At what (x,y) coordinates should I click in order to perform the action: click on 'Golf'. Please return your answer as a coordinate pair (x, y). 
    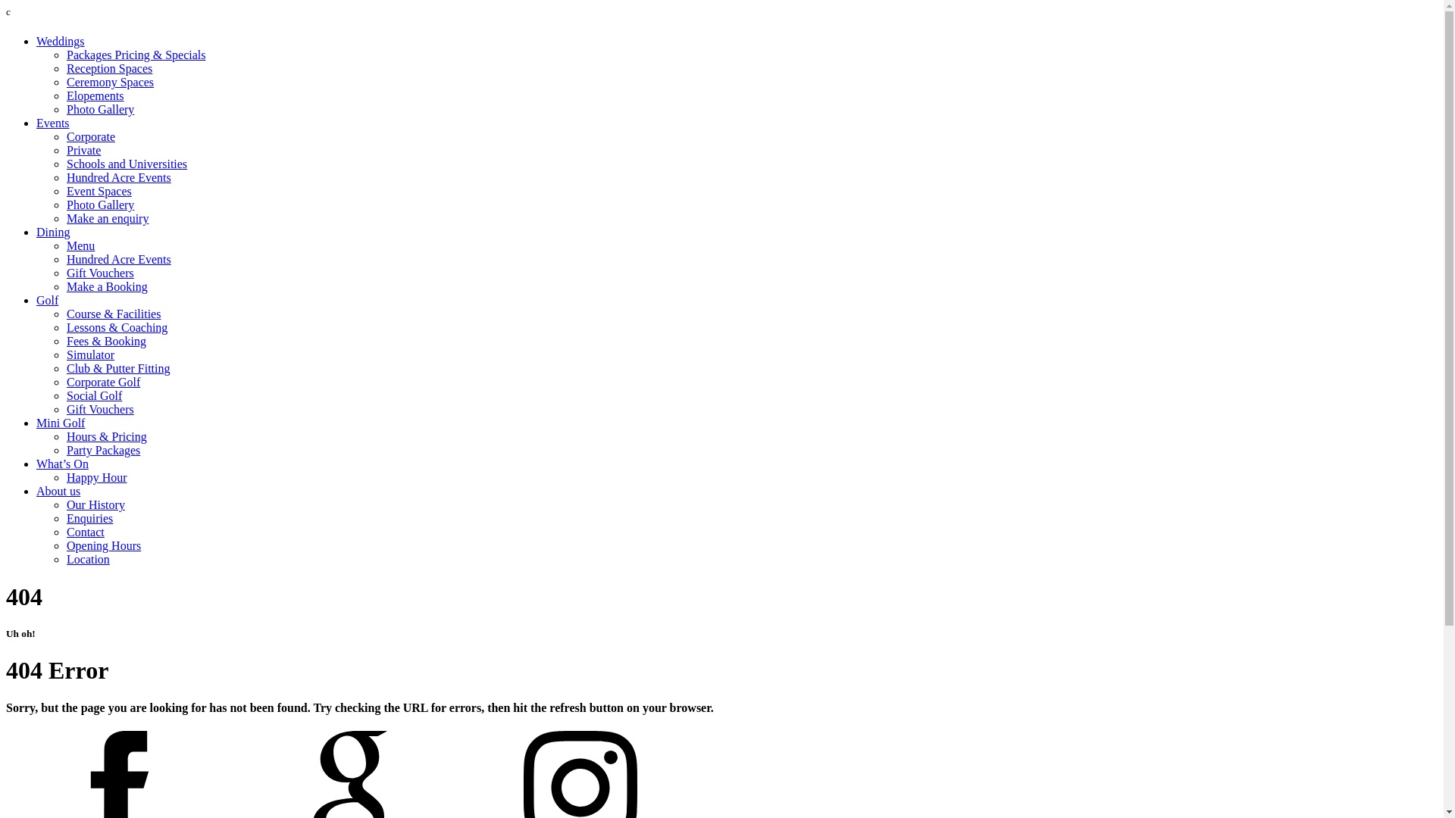
    Looking at the image, I should click on (47, 300).